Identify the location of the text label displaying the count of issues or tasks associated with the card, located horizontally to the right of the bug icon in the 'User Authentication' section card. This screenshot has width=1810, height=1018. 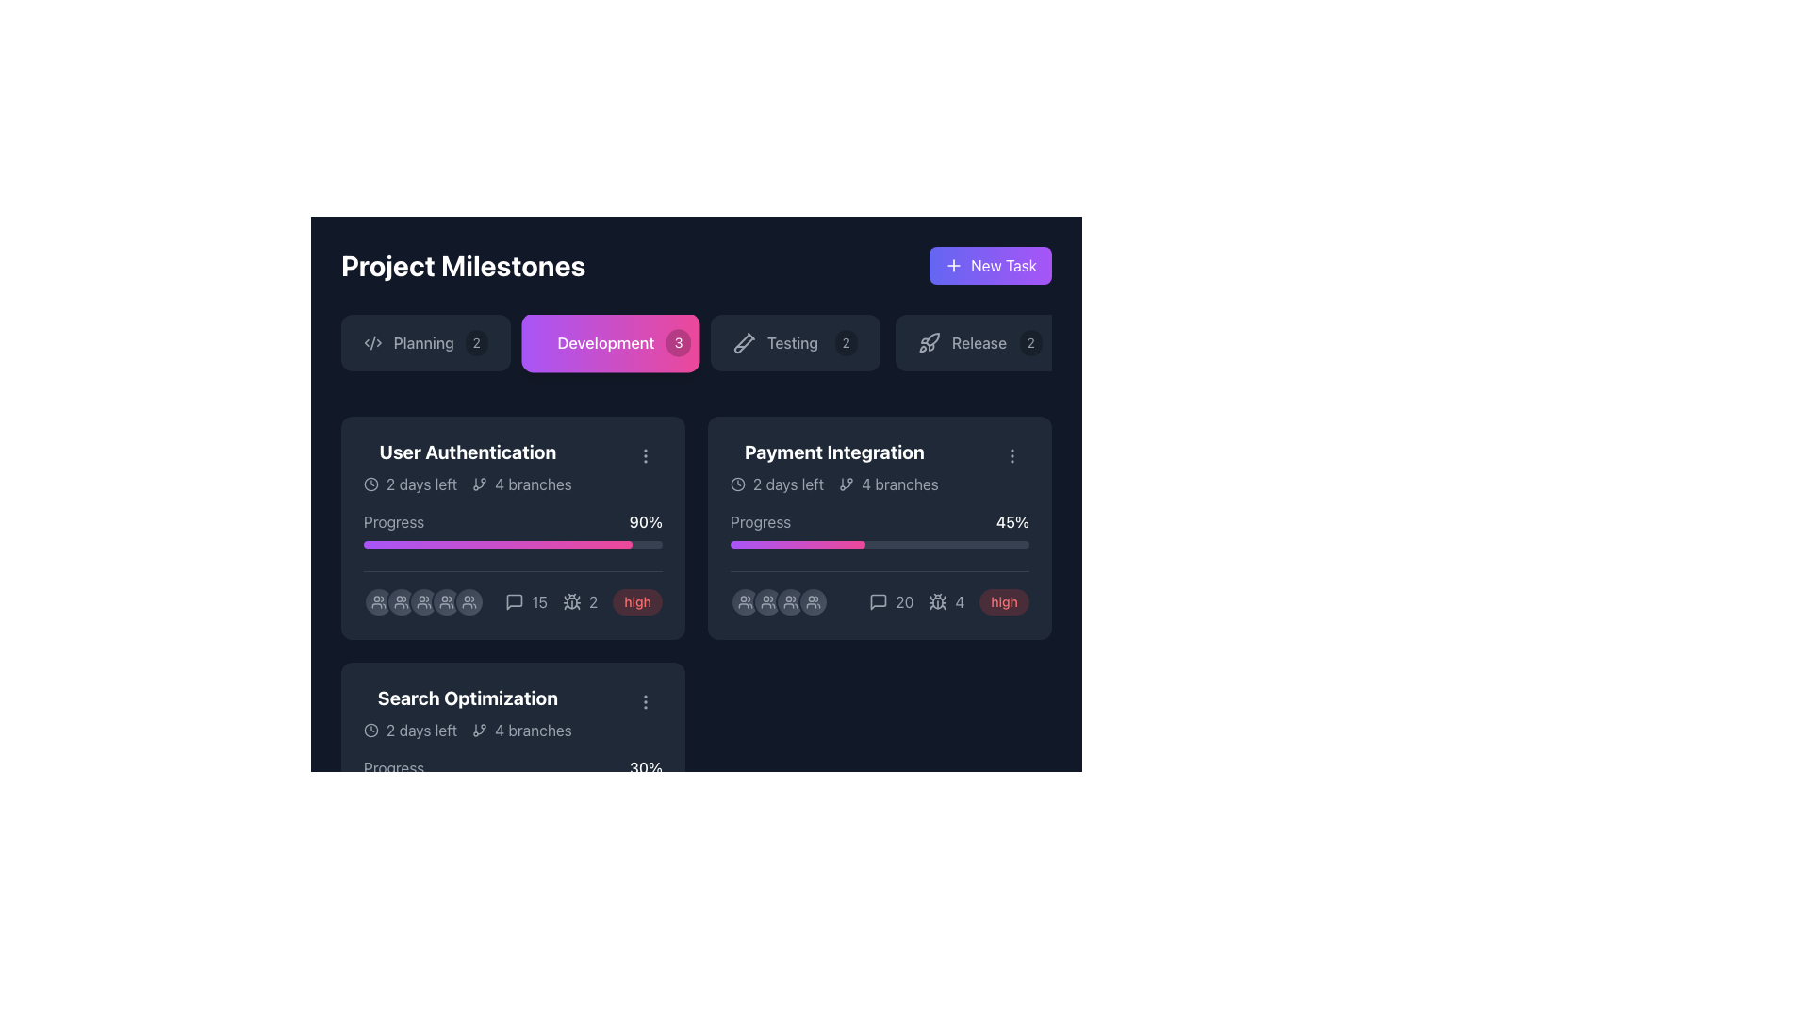
(579, 602).